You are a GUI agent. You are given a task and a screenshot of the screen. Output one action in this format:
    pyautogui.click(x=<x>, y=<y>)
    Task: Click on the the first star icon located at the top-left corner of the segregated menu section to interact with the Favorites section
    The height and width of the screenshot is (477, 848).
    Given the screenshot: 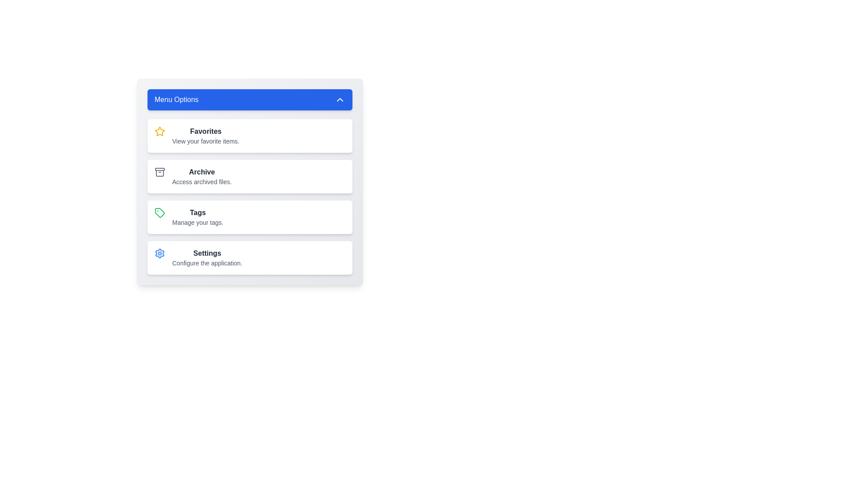 What is the action you would take?
    pyautogui.click(x=159, y=131)
    